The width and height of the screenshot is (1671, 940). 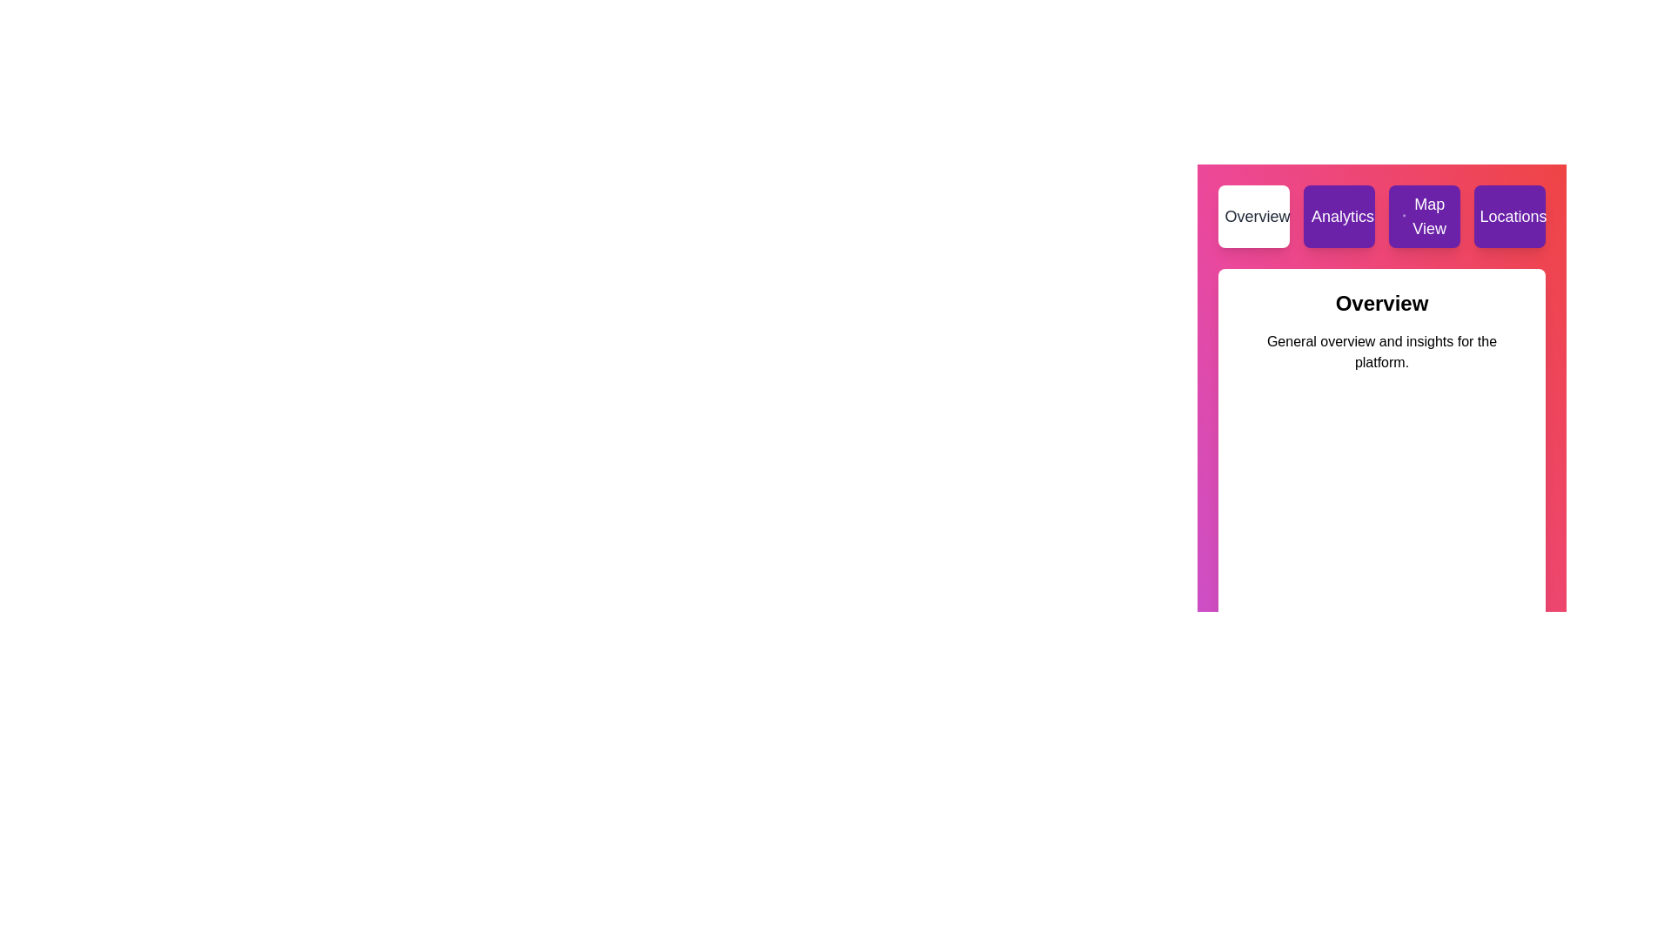 I want to click on the 'Overview' navigation button located at the top-left part of the interface for keyboard navigation, so click(x=1253, y=216).